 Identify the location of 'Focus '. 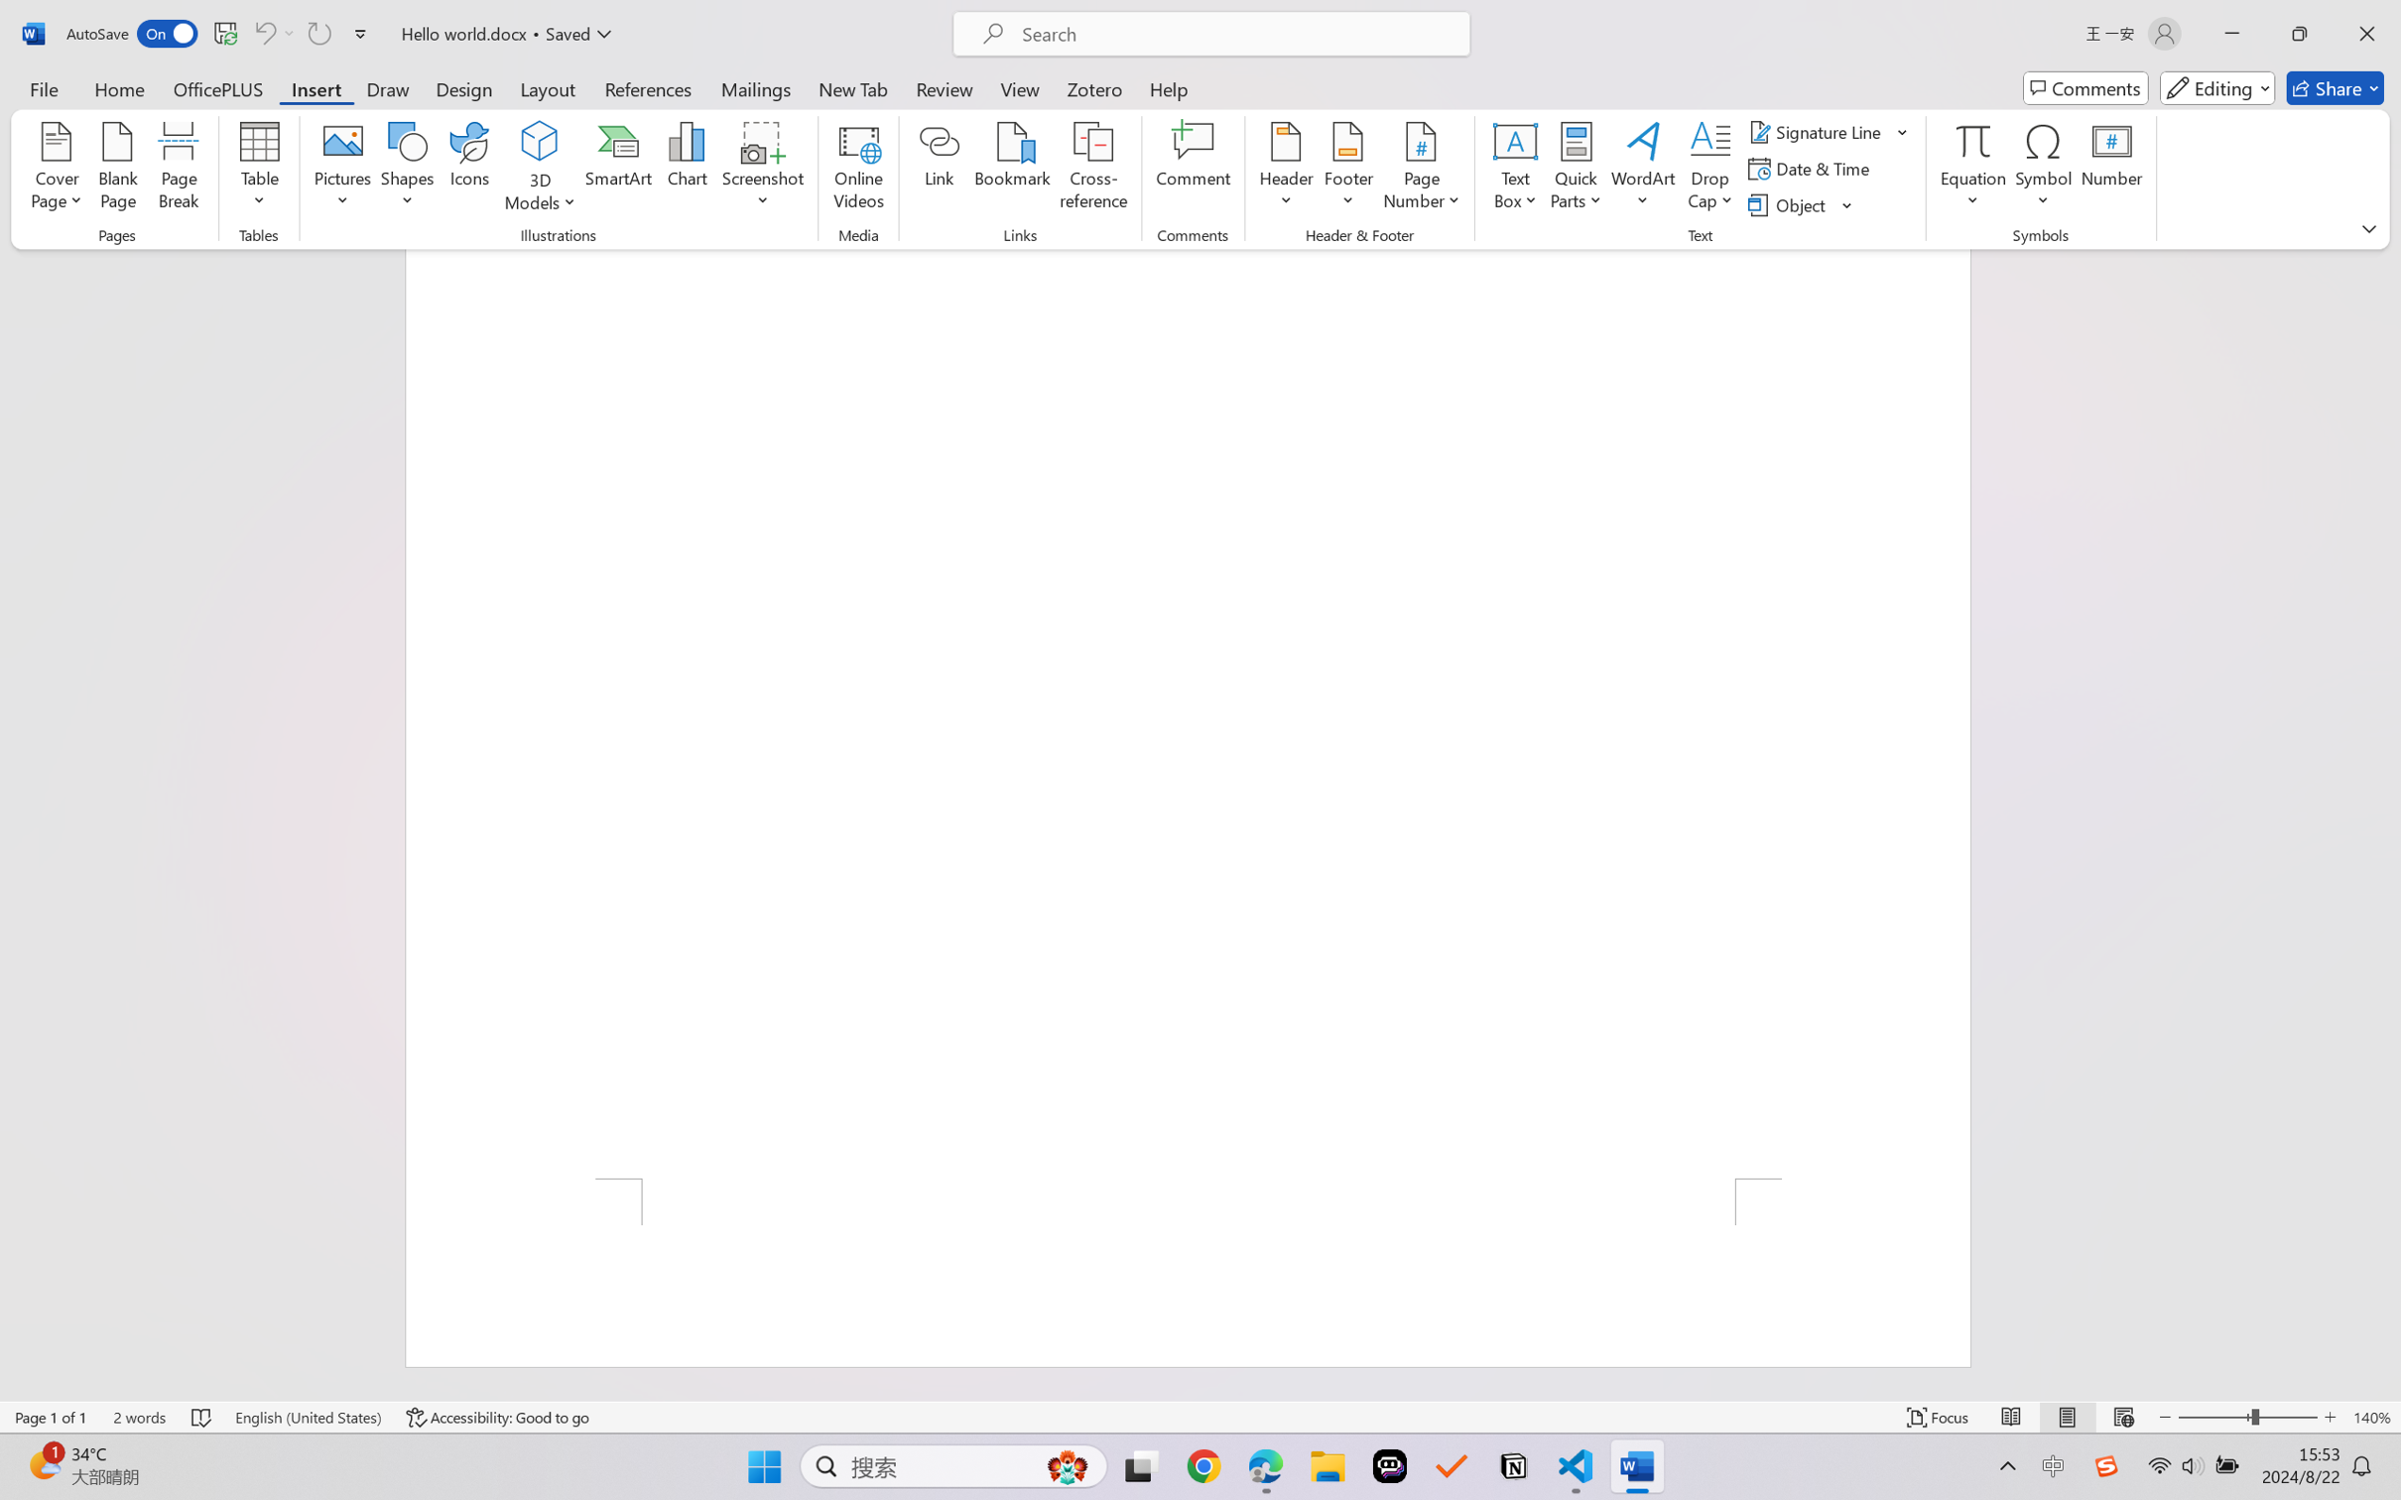
(1938, 1417).